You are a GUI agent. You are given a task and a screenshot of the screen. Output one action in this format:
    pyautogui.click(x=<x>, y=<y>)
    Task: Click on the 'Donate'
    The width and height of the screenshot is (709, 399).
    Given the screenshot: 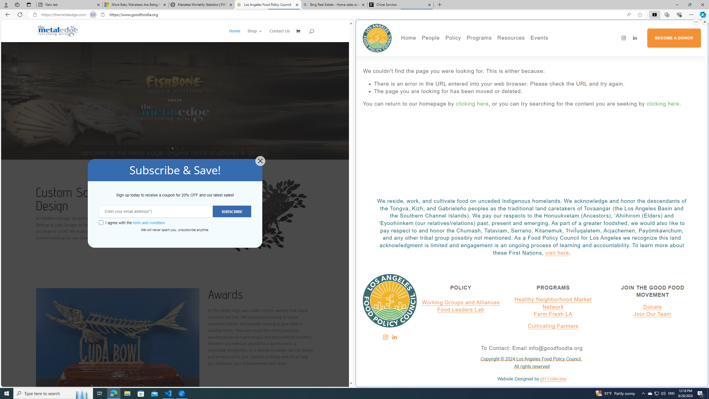 What is the action you would take?
    pyautogui.click(x=653, y=307)
    